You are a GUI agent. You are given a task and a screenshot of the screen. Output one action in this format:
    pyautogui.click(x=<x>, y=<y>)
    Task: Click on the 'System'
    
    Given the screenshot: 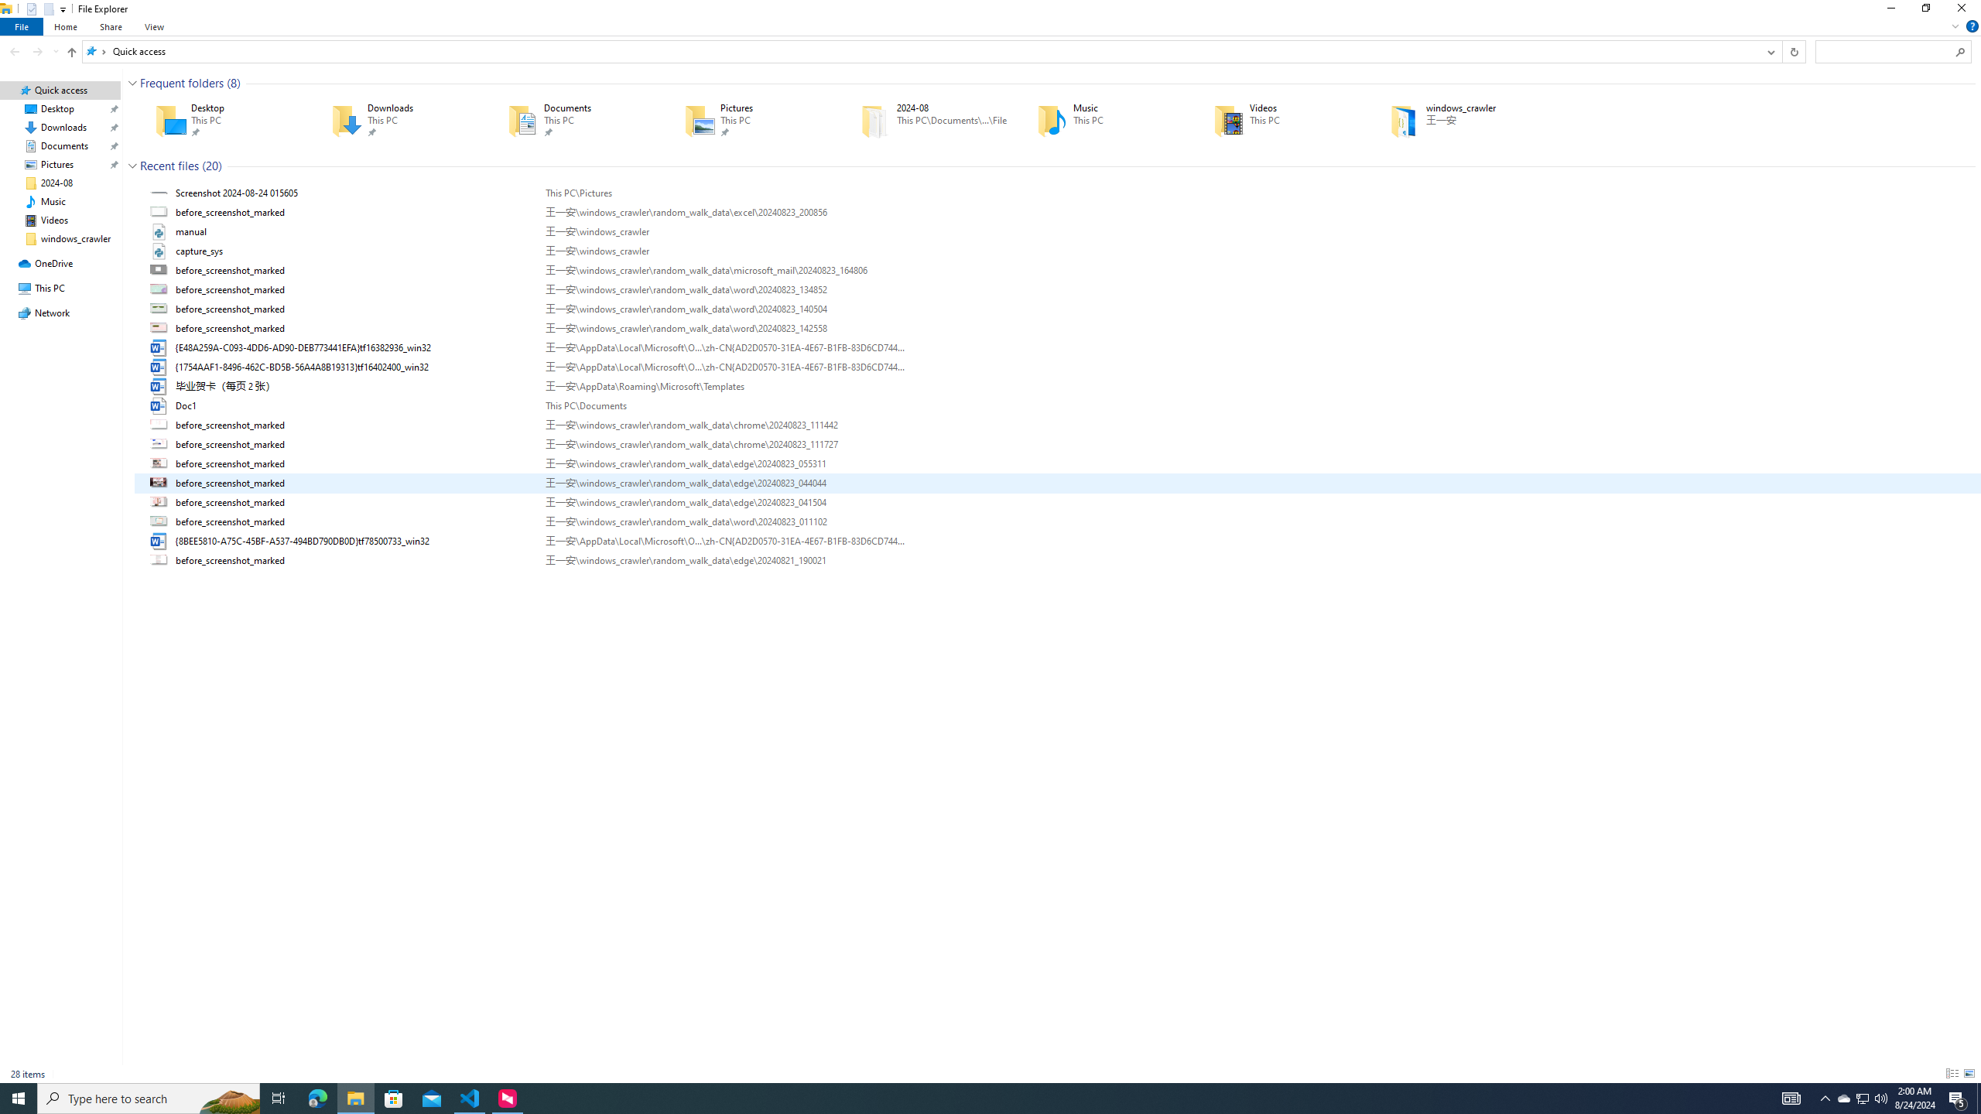 What is the action you would take?
    pyautogui.click(x=9, y=7)
    